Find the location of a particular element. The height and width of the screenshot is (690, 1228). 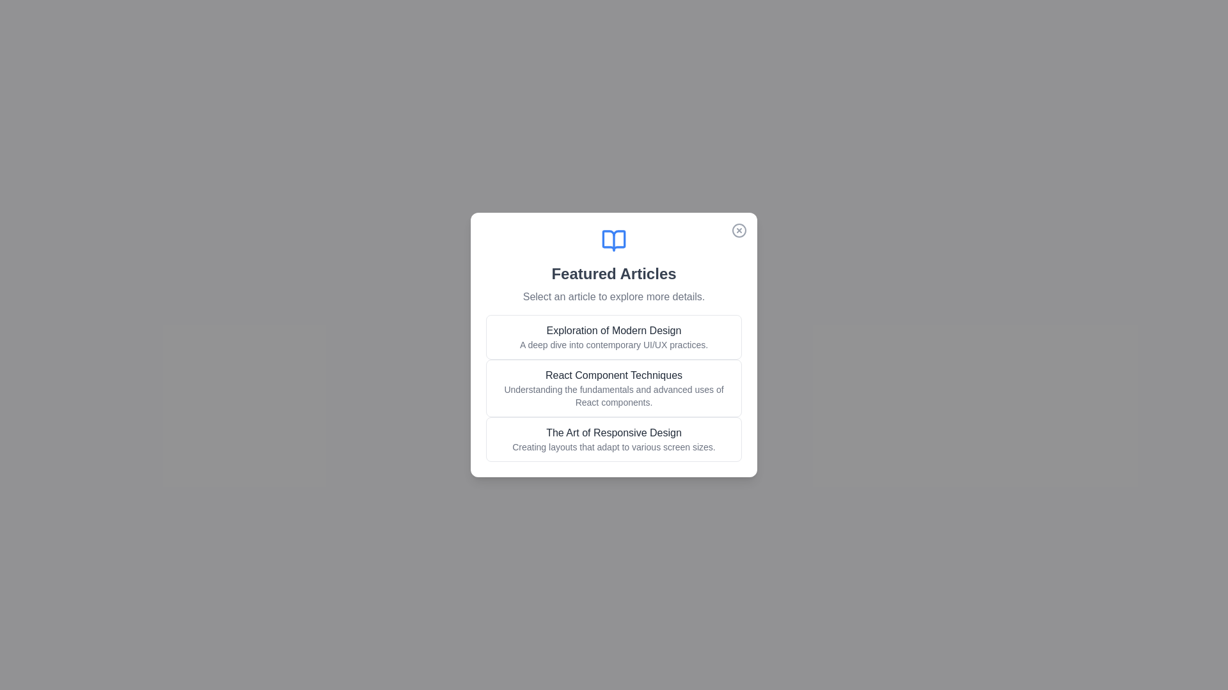

the background outside the dialog to dismiss it is located at coordinates (63, 64).